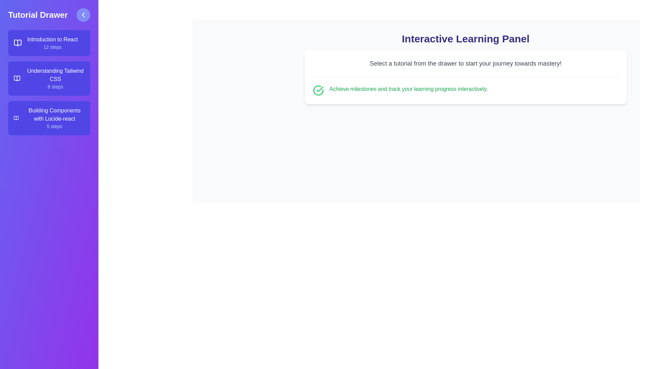 The width and height of the screenshot is (656, 369). Describe the element at coordinates (49, 118) in the screenshot. I see `the tutorial titled Building Components with Lucide-react from the list` at that location.